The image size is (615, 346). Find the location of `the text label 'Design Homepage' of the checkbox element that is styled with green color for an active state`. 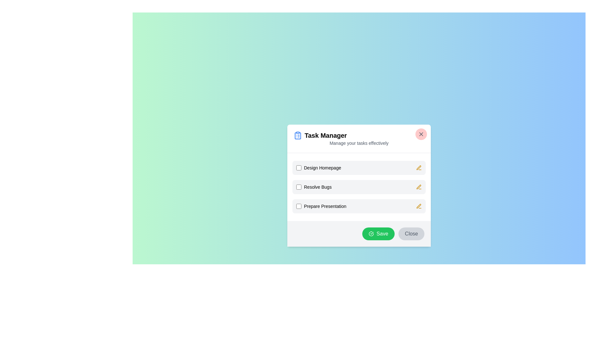

the text label 'Design Homepage' of the checkbox element that is styled with green color for an active state is located at coordinates (318, 167).